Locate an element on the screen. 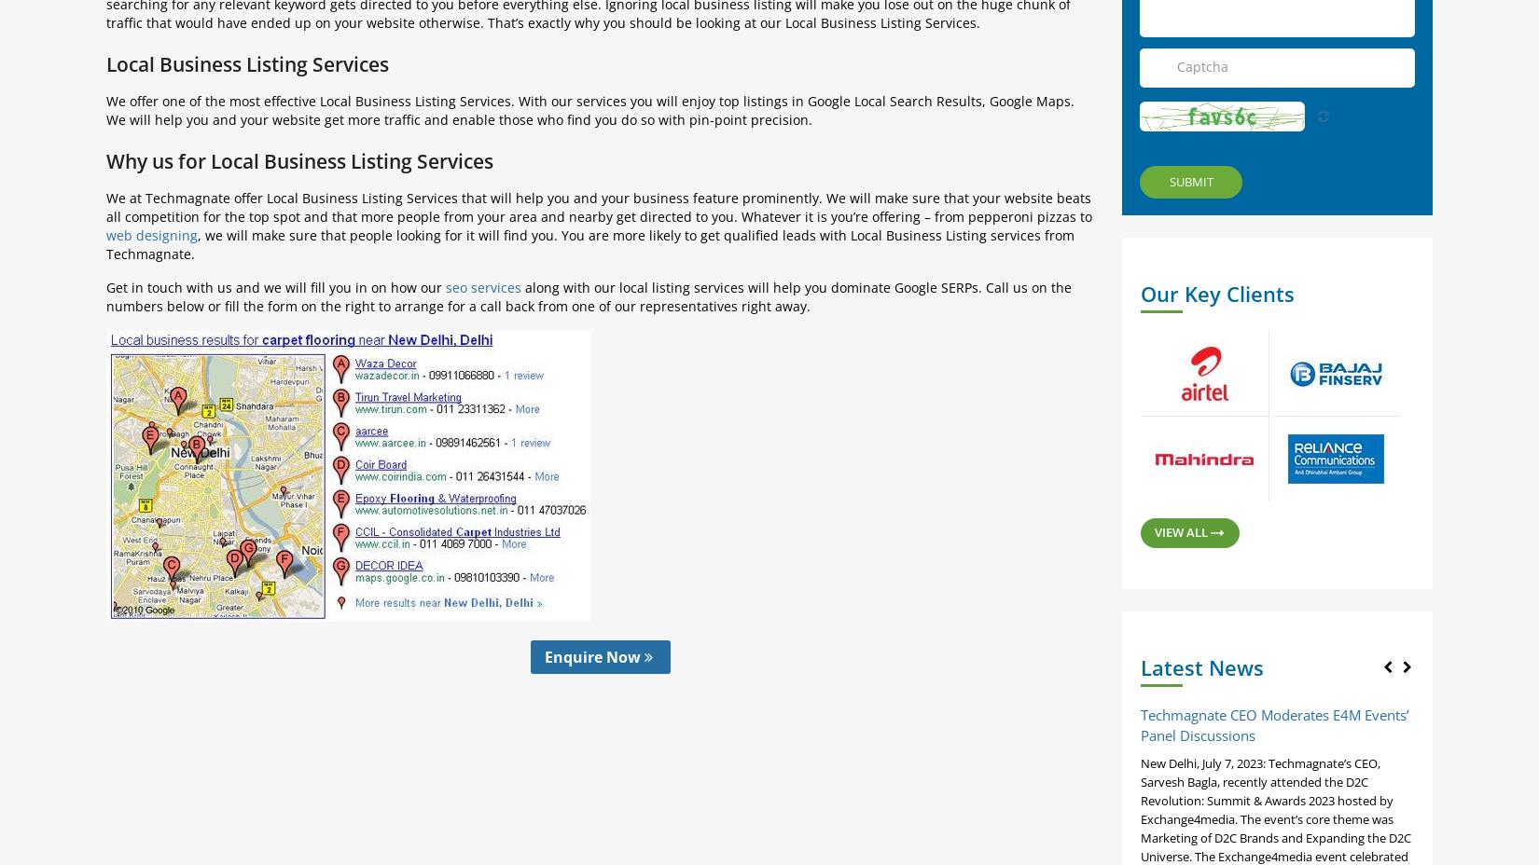  'seo services' is located at coordinates (482, 286).